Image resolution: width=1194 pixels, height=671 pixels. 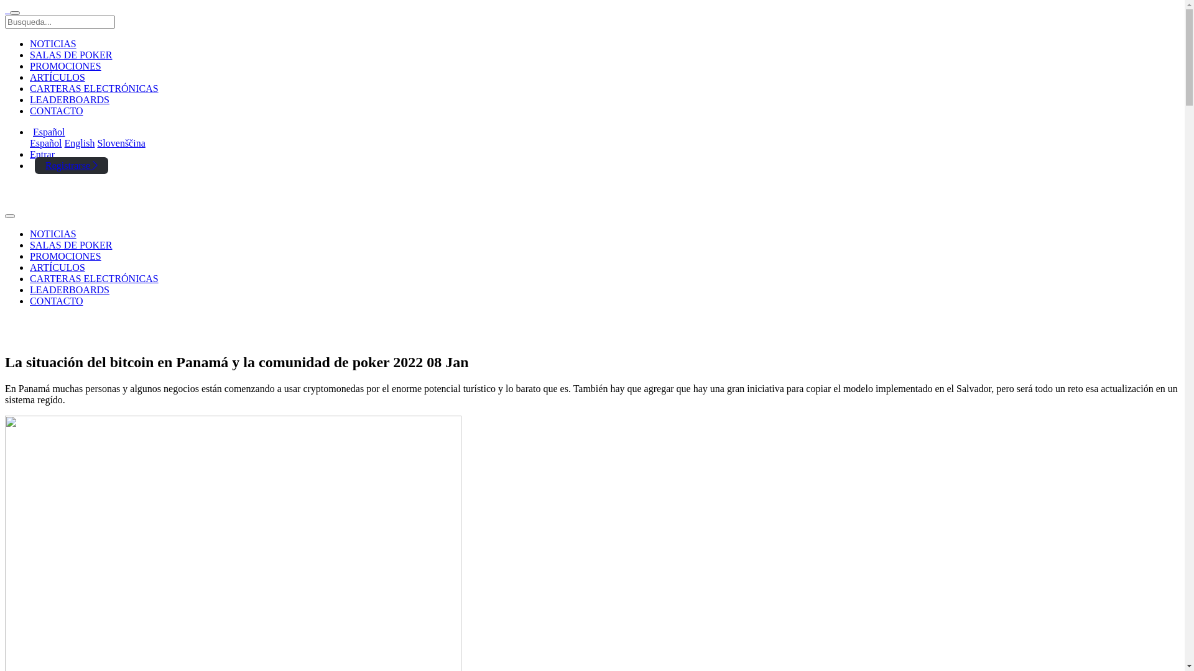 I want to click on 'LEADERBOARDS', so click(x=30, y=99).